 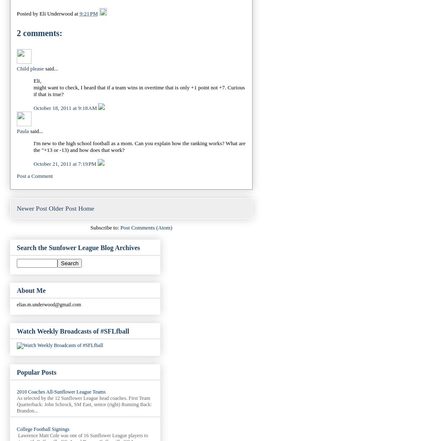 What do you see at coordinates (30, 68) in the screenshot?
I see `'Child please'` at bounding box center [30, 68].